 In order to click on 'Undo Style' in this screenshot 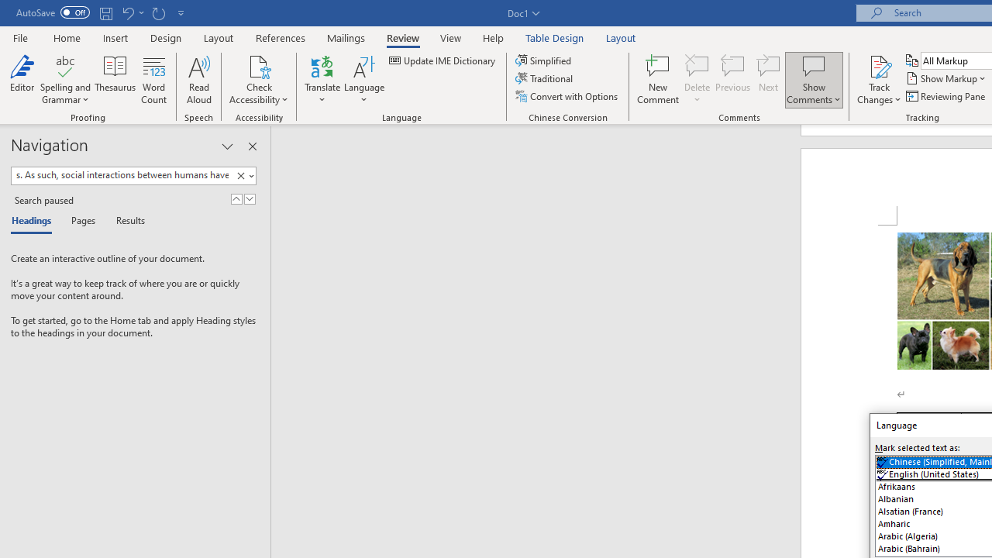, I will do `click(132, 12)`.